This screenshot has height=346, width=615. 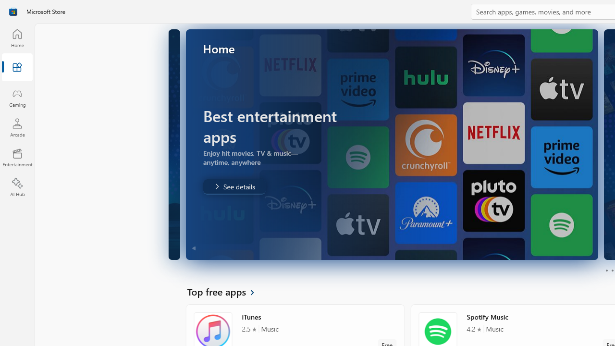 What do you see at coordinates (226, 291) in the screenshot?
I see `'See all  Top free apps'` at bounding box center [226, 291].